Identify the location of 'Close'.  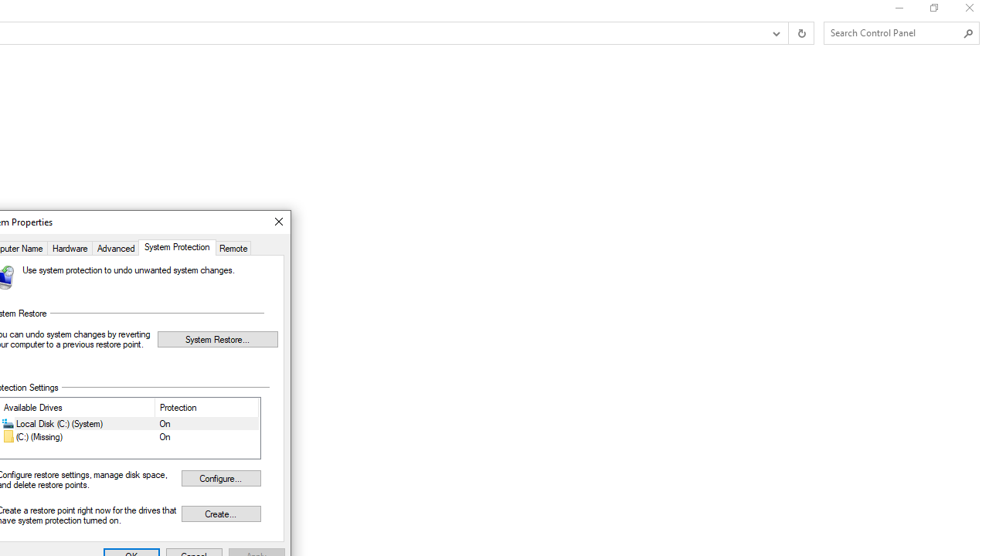
(278, 222).